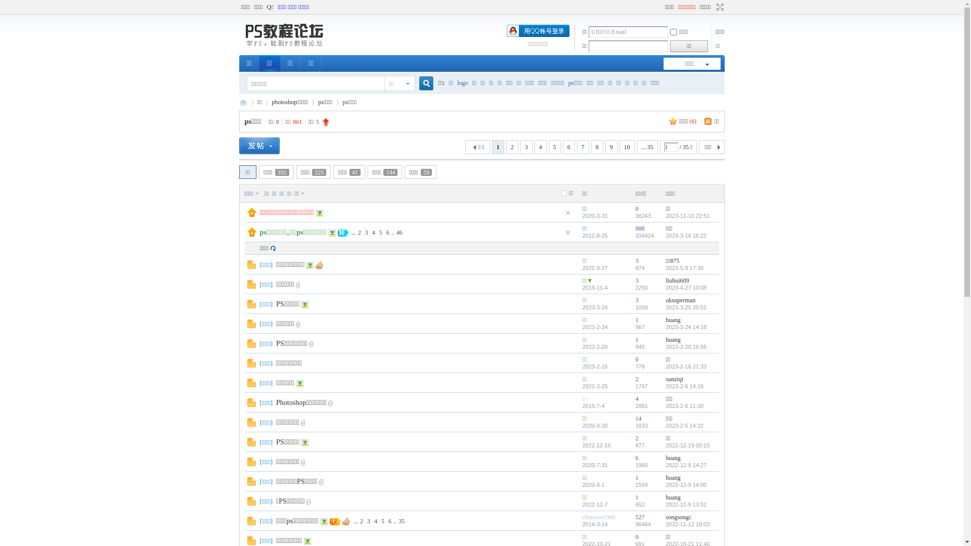  Describe the element at coordinates (540, 147) in the screenshot. I see `'4'` at that location.